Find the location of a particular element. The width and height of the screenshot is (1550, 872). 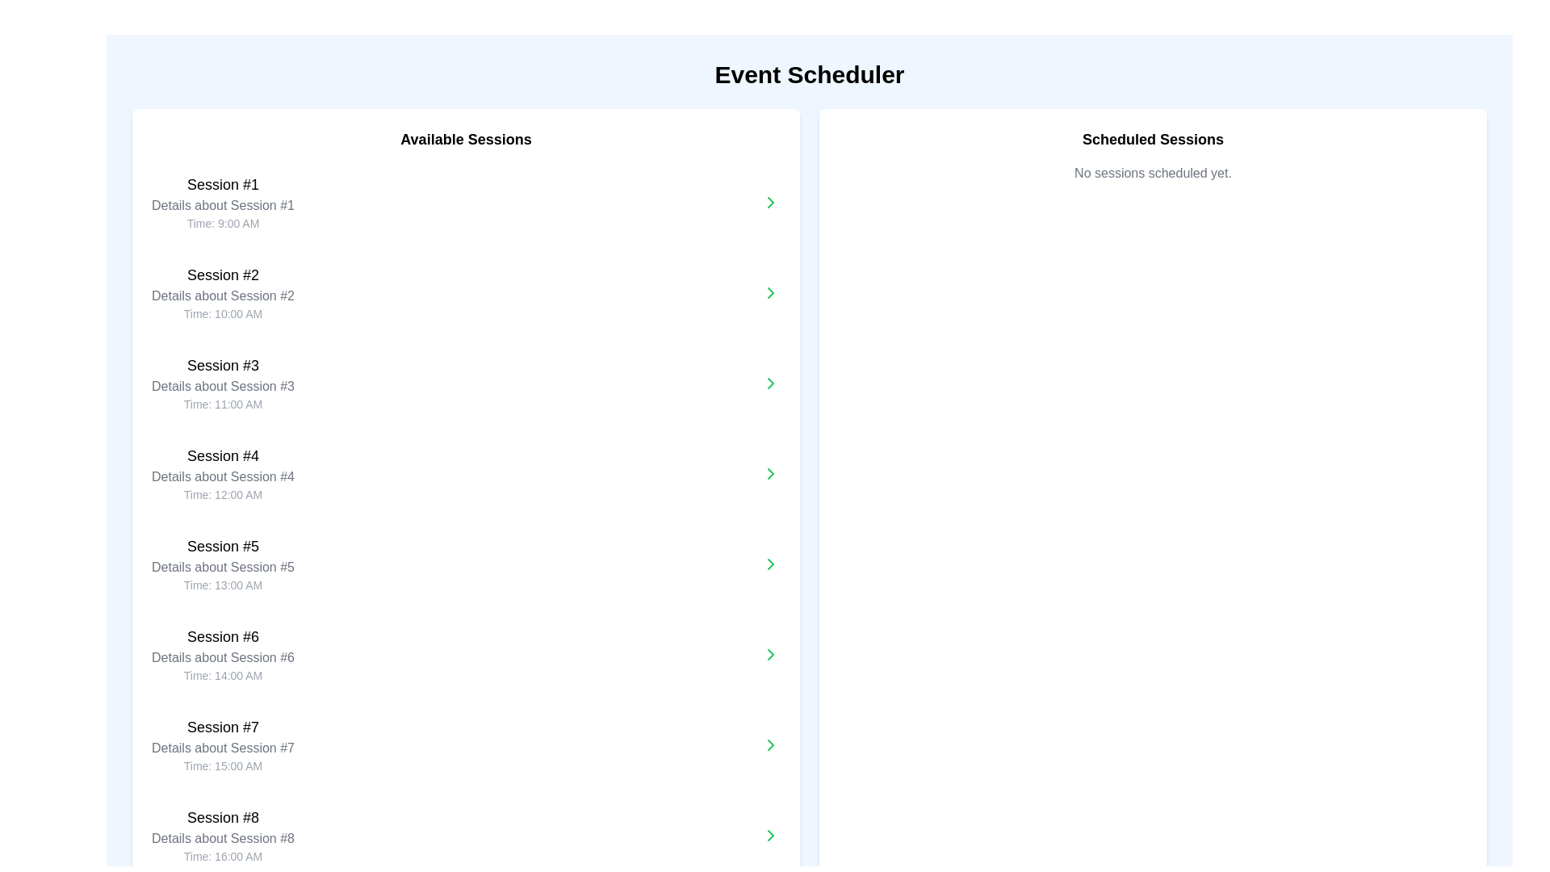

the sixth chevron icon next to the 'Session #6' entry in the 'Available Sessions' section is located at coordinates (770, 383).